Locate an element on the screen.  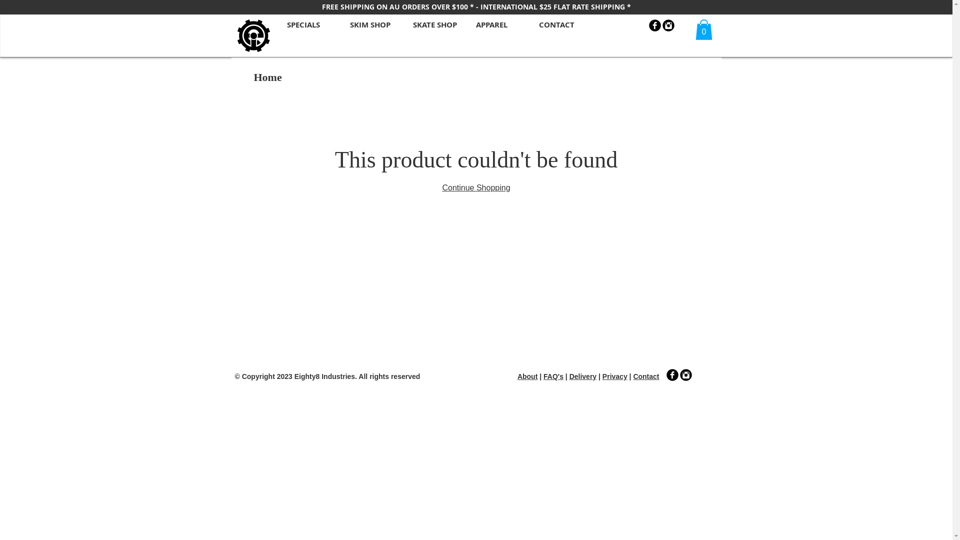
'Privacy' is located at coordinates (614, 376).